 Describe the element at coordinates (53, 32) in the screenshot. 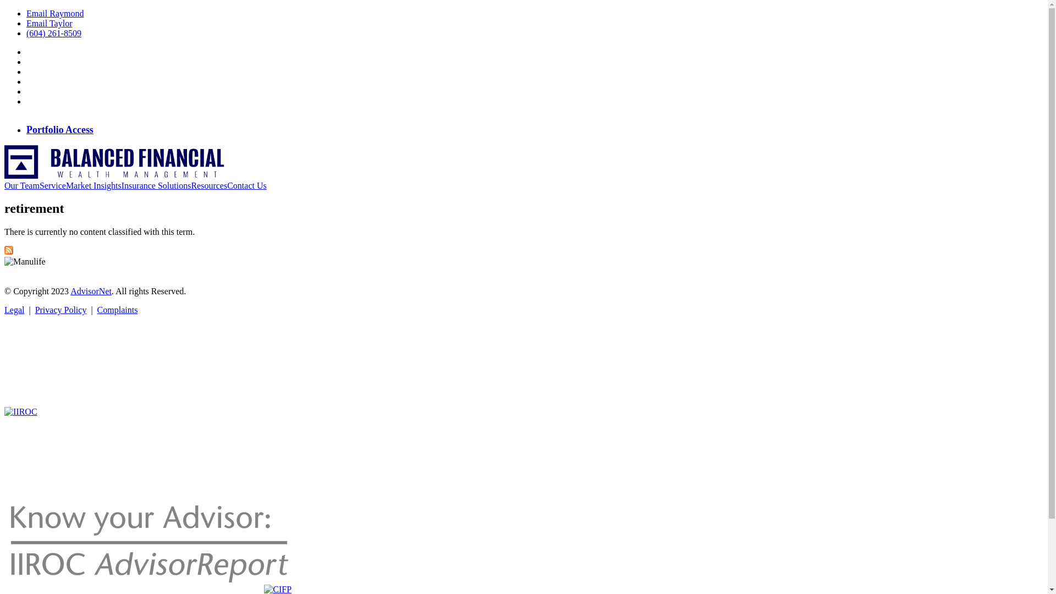

I see `'(604) 261-8509'` at that location.